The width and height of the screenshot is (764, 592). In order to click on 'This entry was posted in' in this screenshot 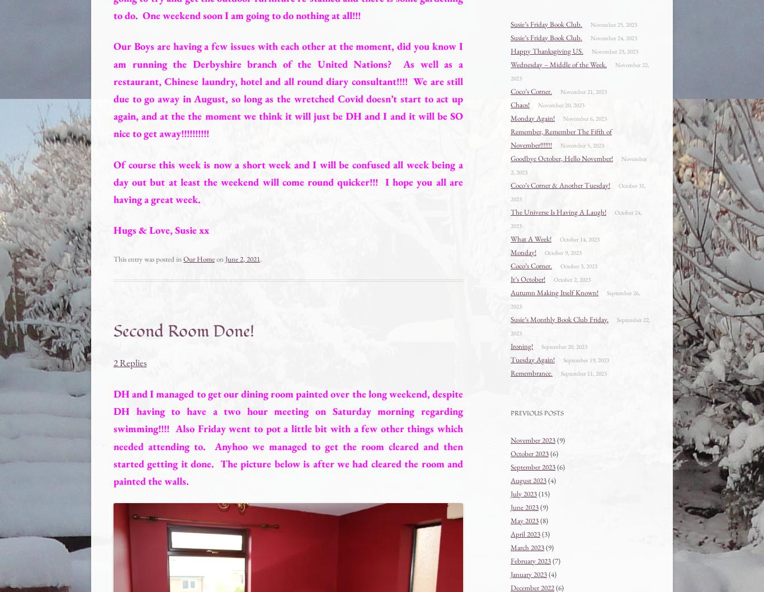, I will do `click(112, 258)`.